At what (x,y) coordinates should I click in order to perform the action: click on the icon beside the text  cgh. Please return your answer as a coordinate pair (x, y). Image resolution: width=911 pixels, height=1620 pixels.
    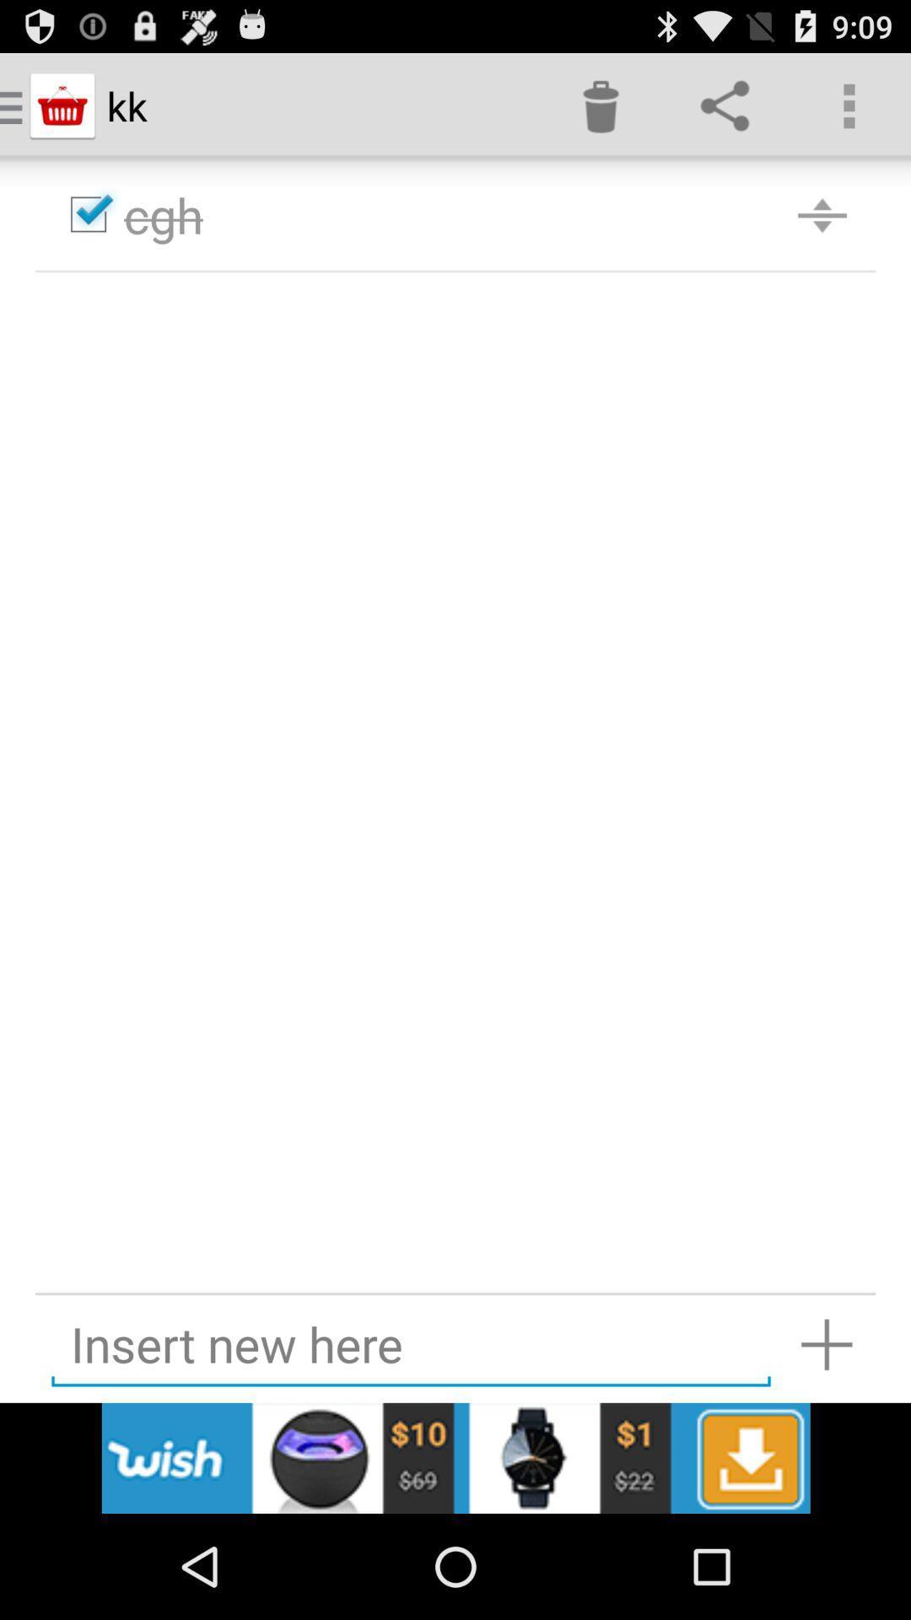
    Looking at the image, I should click on (822, 213).